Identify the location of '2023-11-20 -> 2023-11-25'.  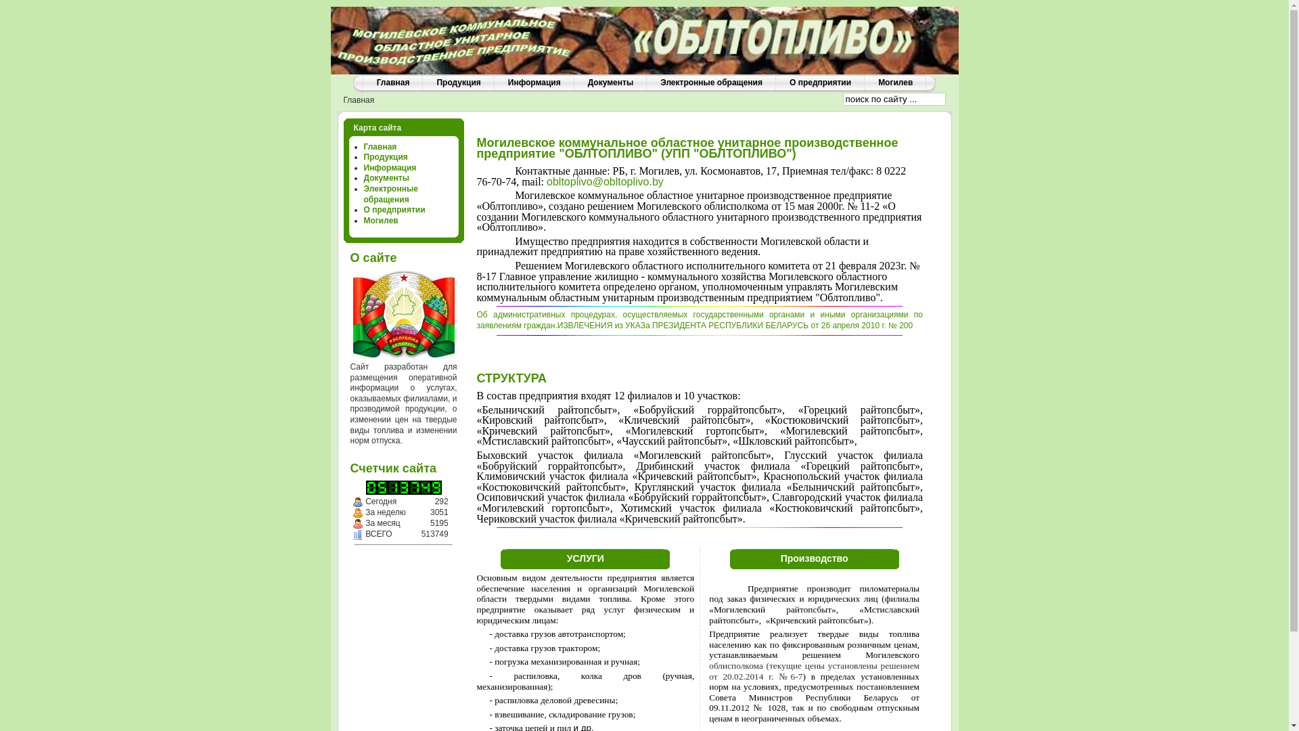
(357, 513).